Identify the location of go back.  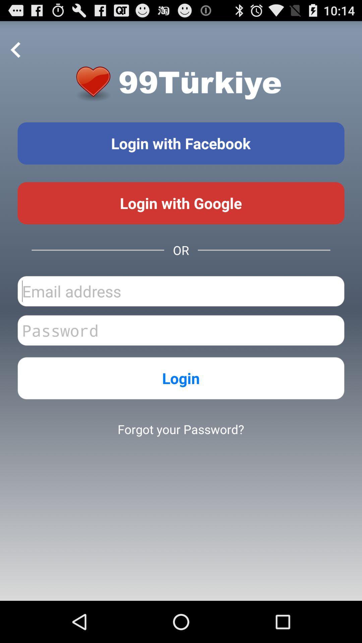
(15, 50).